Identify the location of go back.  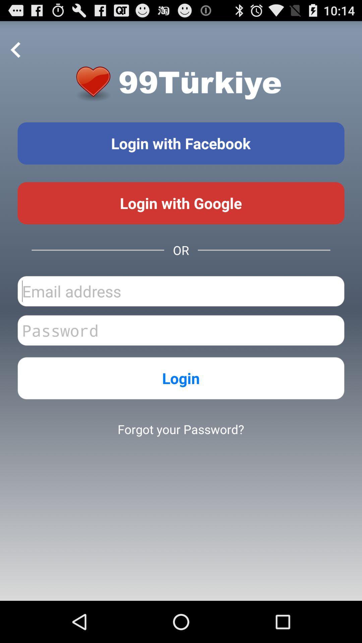
(15, 50).